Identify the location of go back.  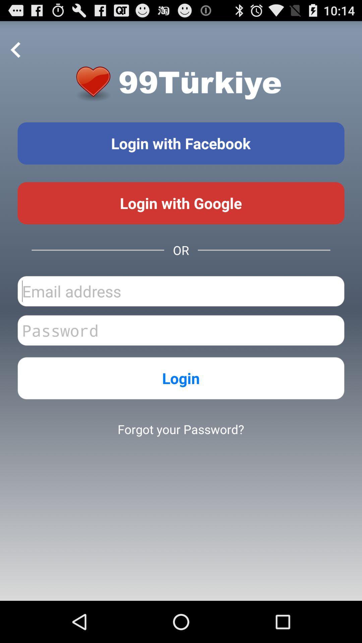
(15, 50).